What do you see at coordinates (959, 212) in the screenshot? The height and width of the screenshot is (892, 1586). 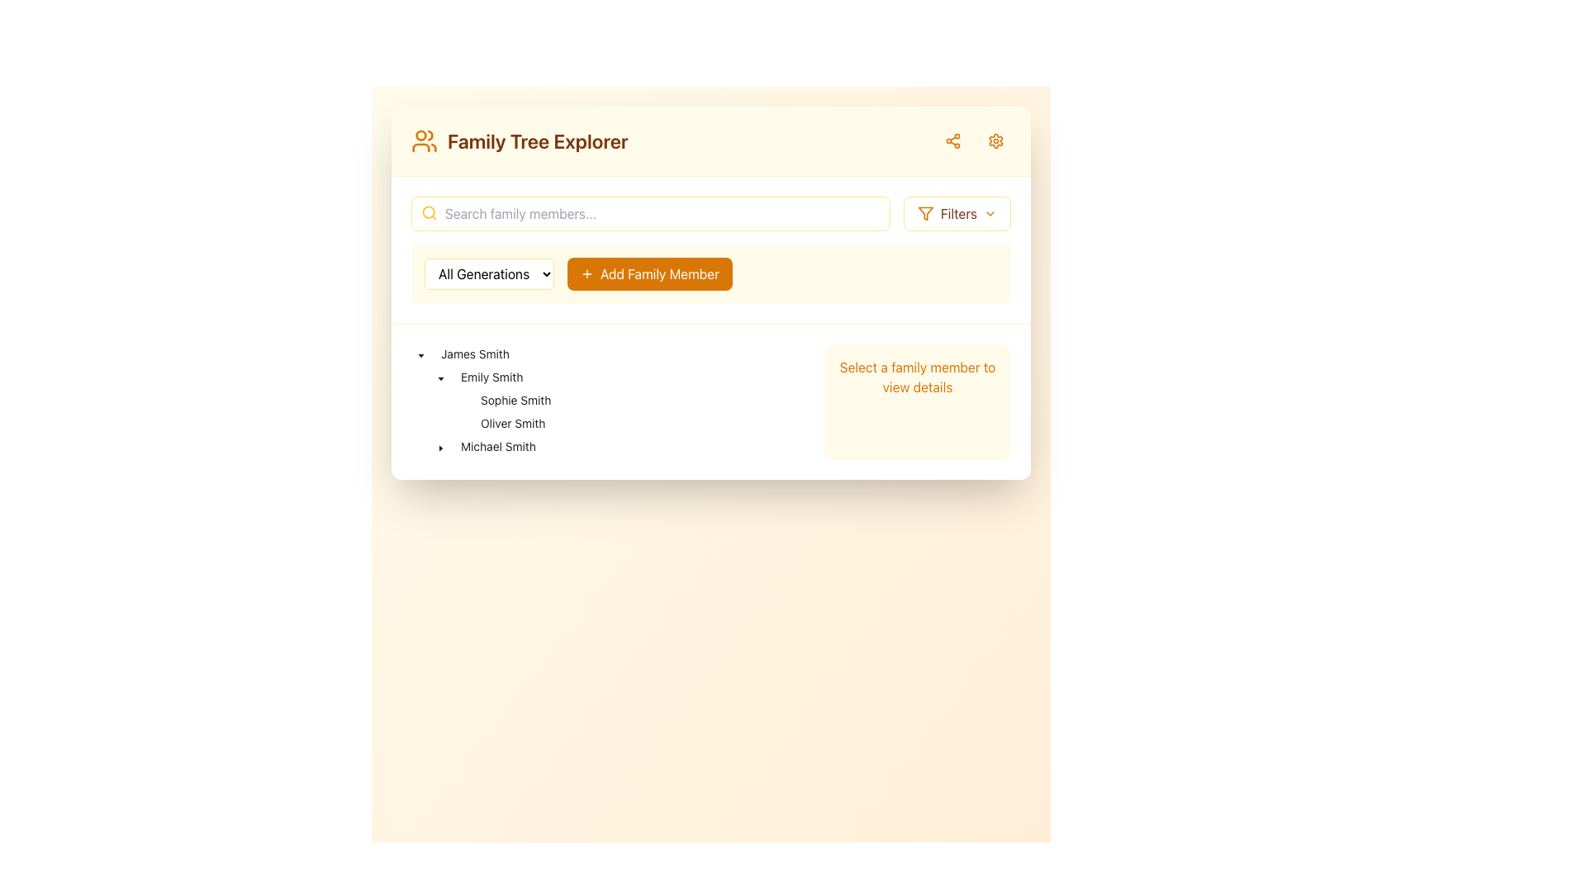 I see `the 'Filters' text label element, which is styled in bold amber color and located within a button-like structure in the upper-right section of the interface` at bounding box center [959, 212].